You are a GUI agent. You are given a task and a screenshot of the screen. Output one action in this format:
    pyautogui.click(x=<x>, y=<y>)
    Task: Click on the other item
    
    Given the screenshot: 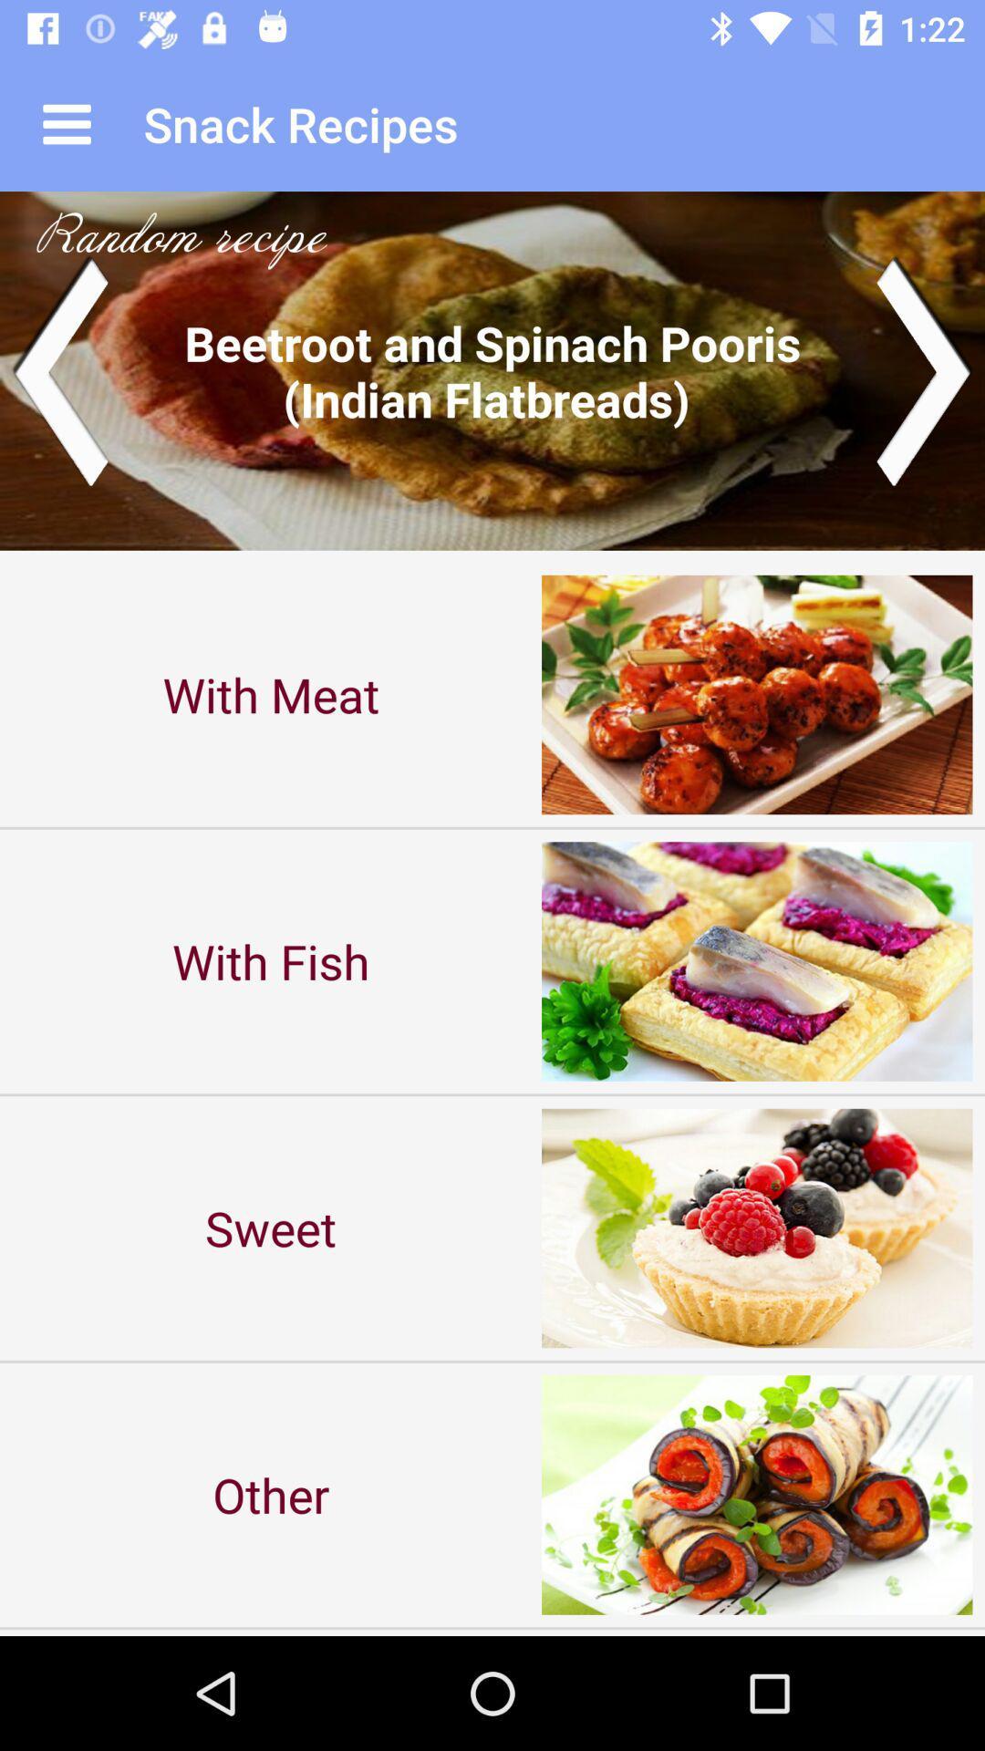 What is the action you would take?
    pyautogui.click(x=271, y=1495)
    